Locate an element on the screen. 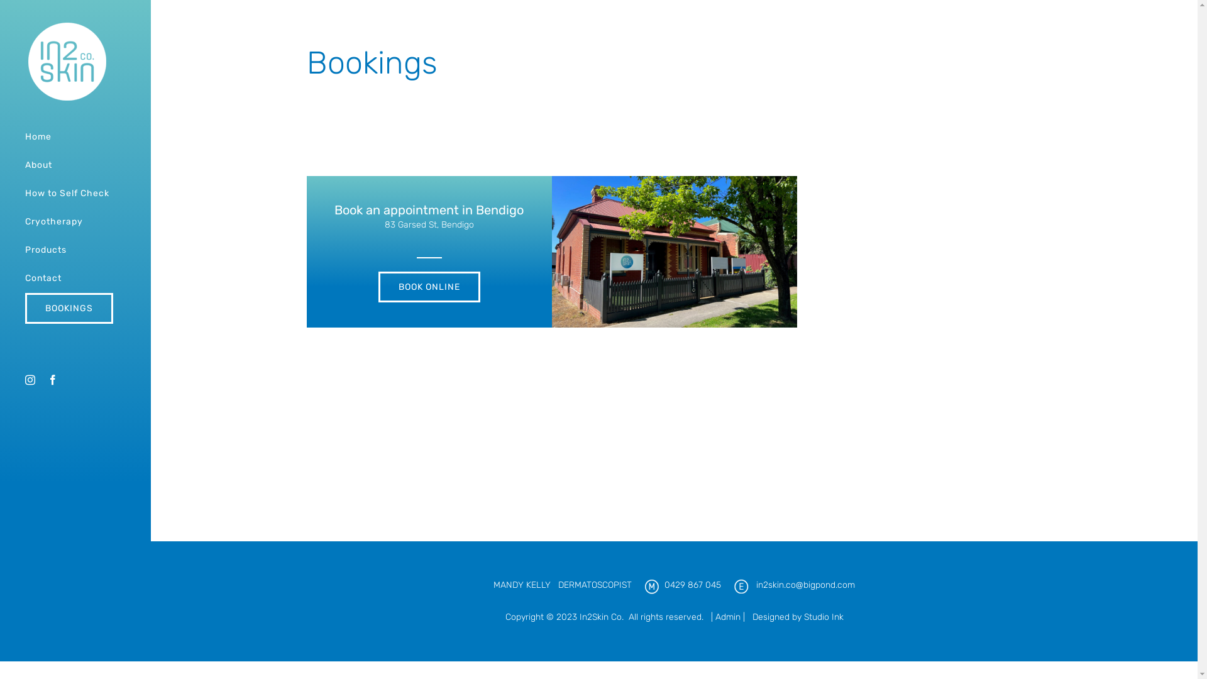 This screenshot has width=1207, height=679. 'Facebook' is located at coordinates (52, 379).